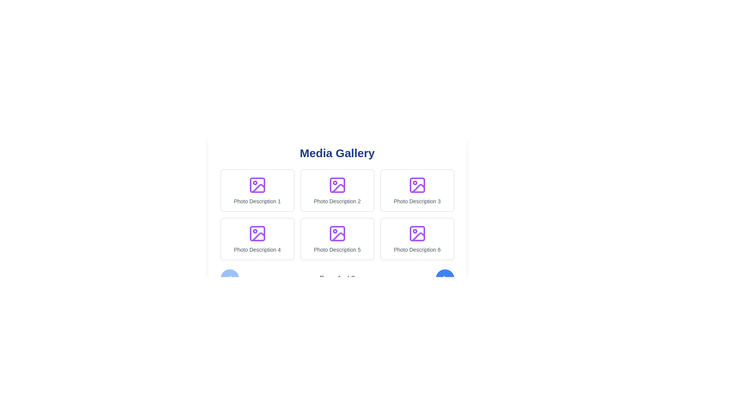  Describe the element at coordinates (337, 250) in the screenshot. I see `the label displaying 'Photo Description 5', which is located under a purple icon and styled with gray text in a small font size` at that location.